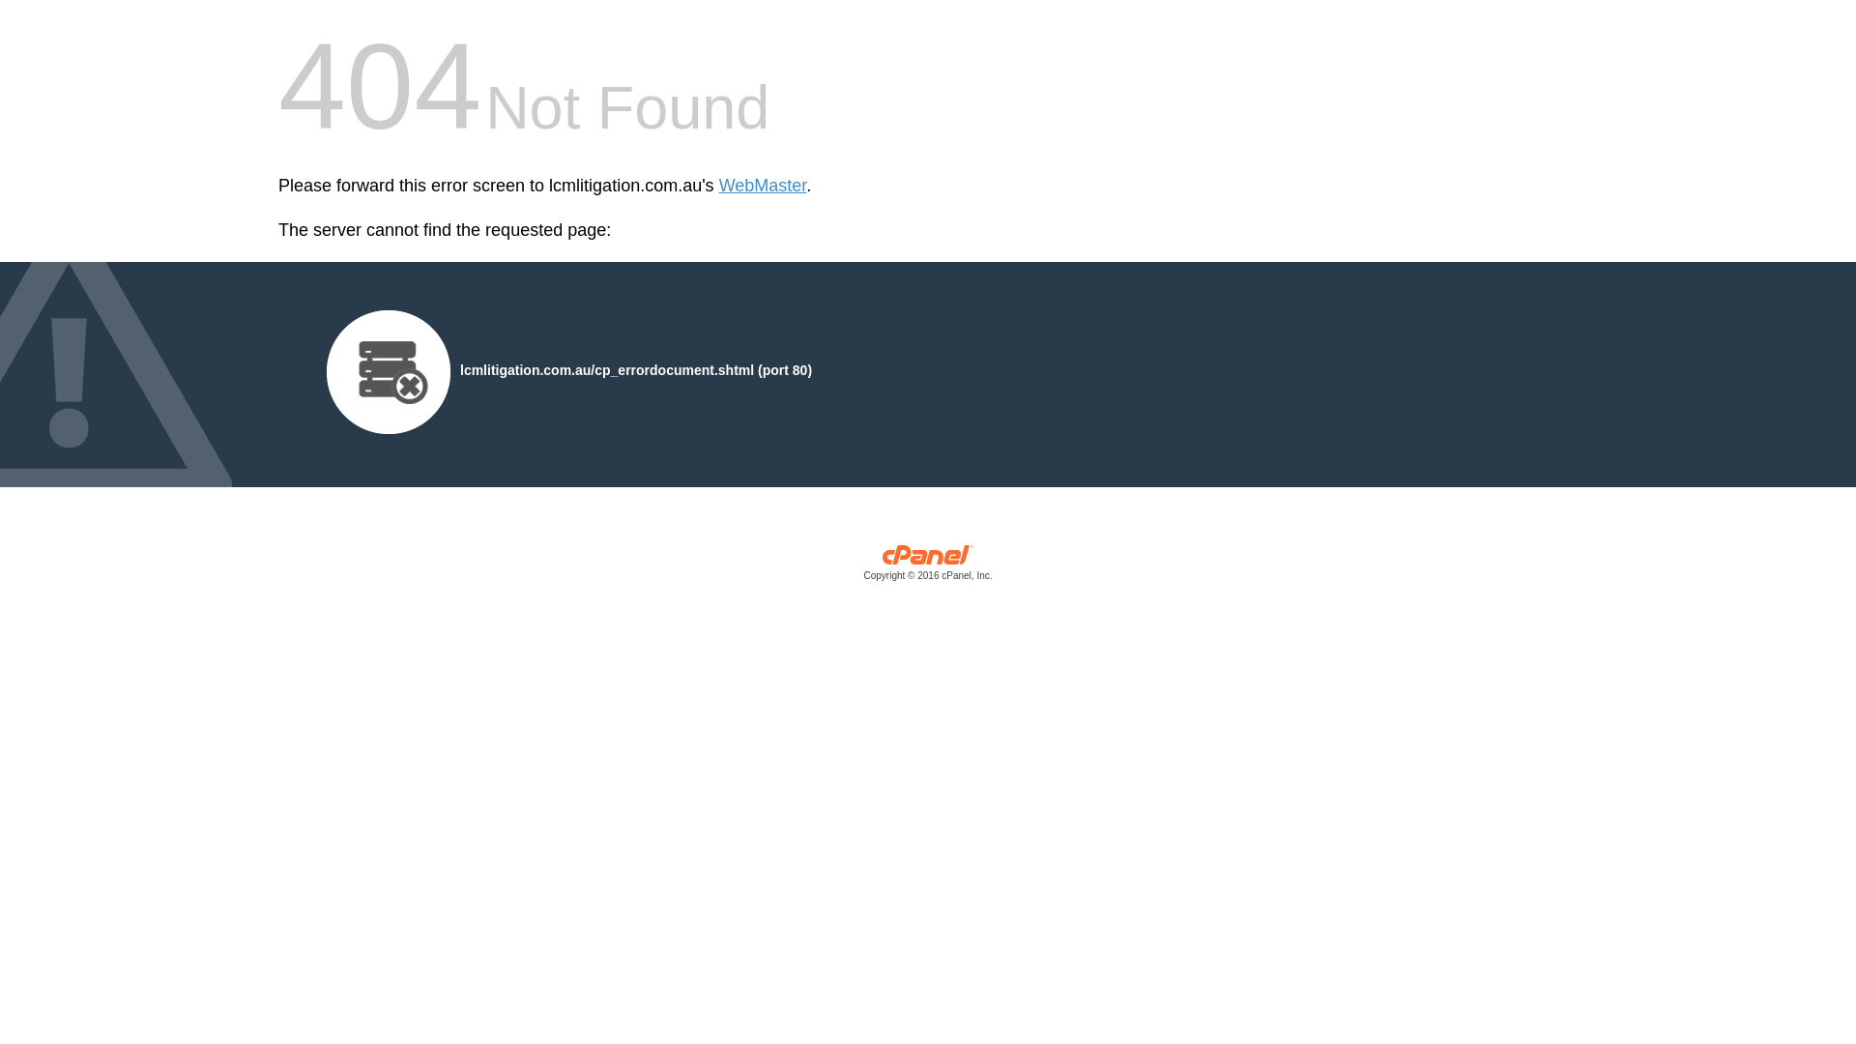 The width and height of the screenshot is (1856, 1044). I want to click on 'WebMaster', so click(762, 186).